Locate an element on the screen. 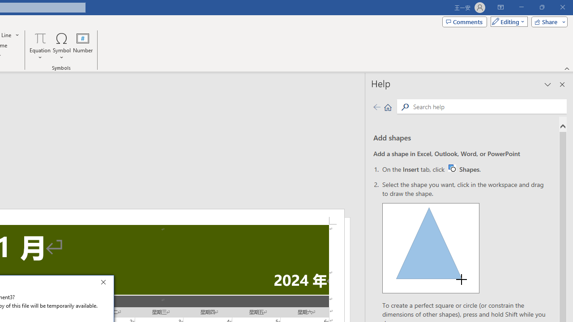  'Collapse the Ribbon' is located at coordinates (567, 68).